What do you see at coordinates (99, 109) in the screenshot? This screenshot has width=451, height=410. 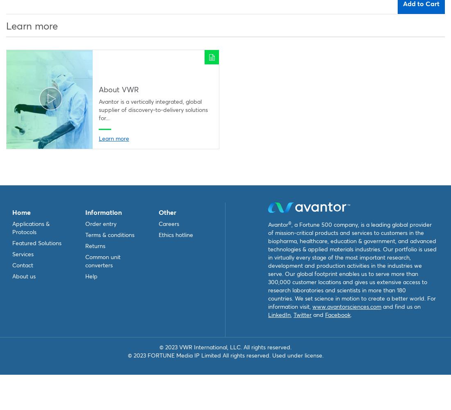 I see `'Avantor is a vertically integrated, global supplier of discovery-to-delivery solutions for...'` at bounding box center [99, 109].